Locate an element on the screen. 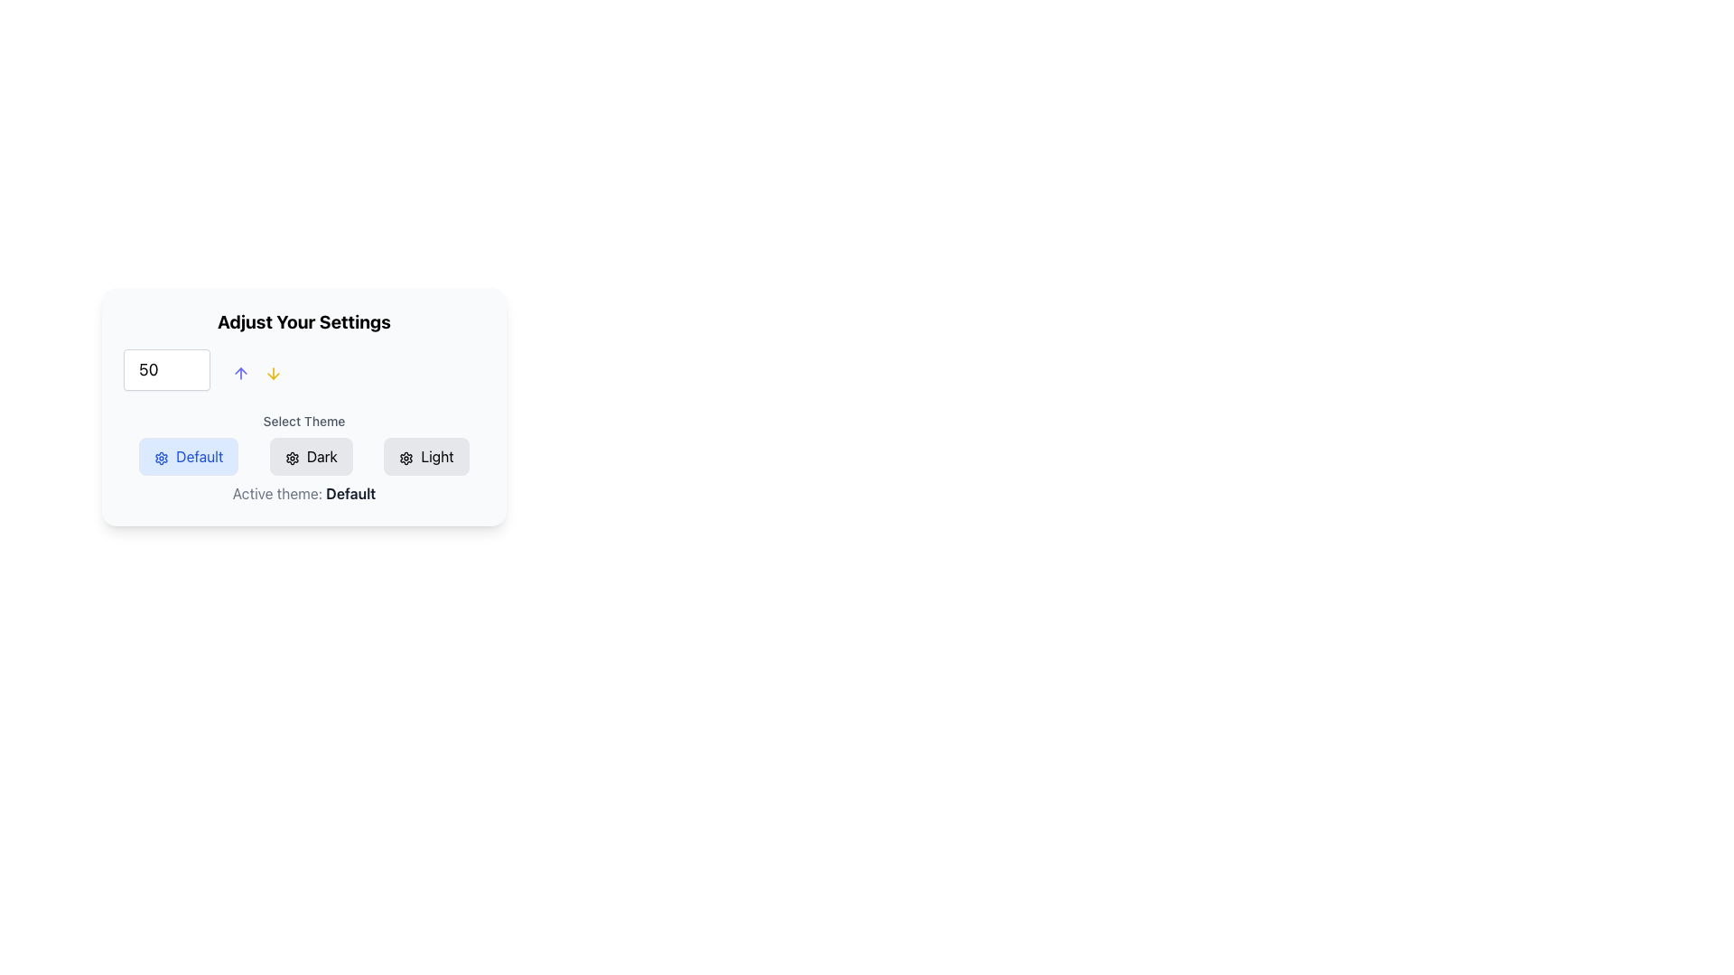 The width and height of the screenshot is (1734, 975). the upward arrow icon located in the button group at the top of the settings panel is located at coordinates (240, 372).